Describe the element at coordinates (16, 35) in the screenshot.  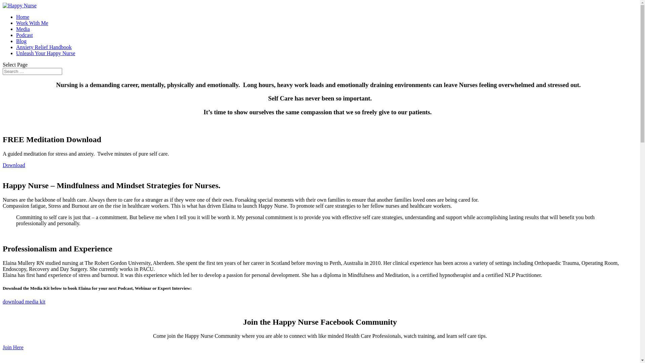
I see `'Podcast'` at that location.